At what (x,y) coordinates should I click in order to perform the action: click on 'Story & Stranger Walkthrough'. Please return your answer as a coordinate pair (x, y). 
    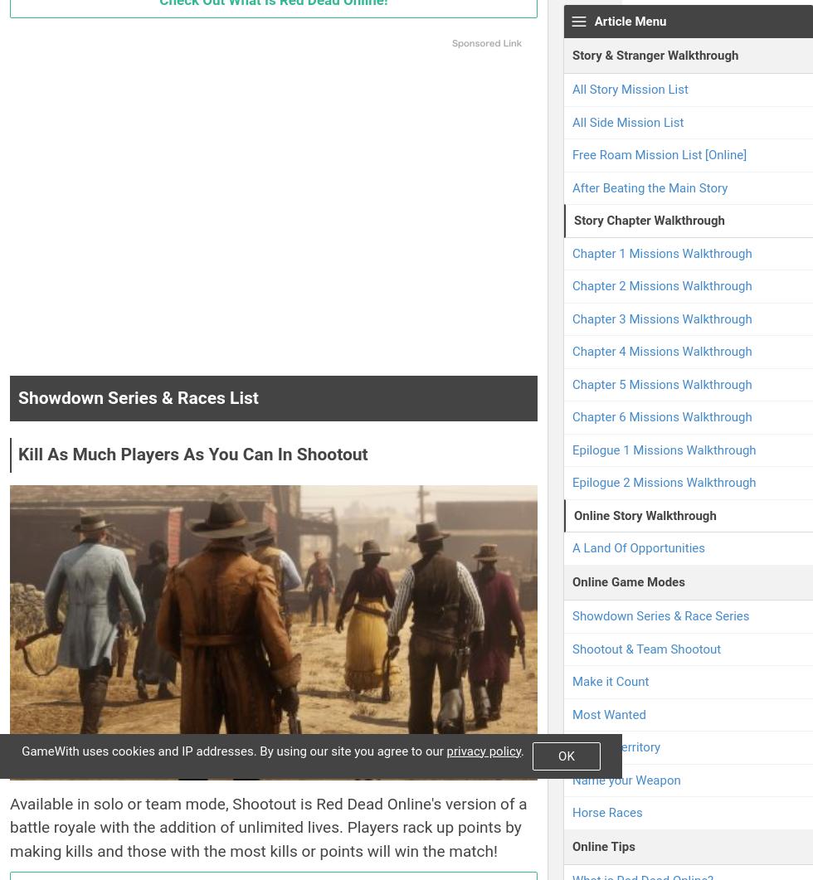
    Looking at the image, I should click on (655, 54).